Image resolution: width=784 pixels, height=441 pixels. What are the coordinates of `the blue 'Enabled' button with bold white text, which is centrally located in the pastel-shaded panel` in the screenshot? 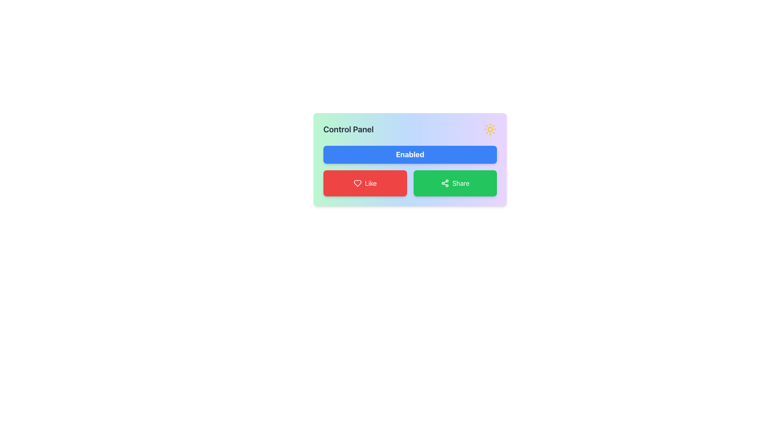 It's located at (410, 154).